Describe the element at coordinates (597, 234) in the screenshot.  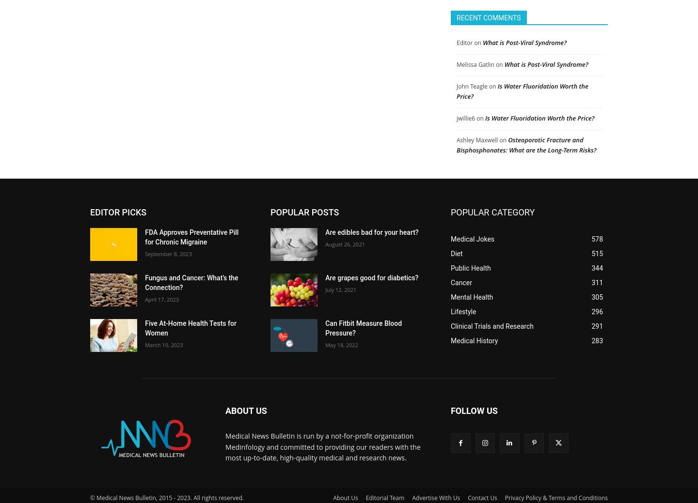
I see `'578'` at that location.